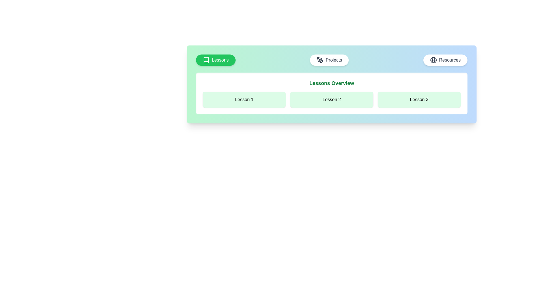 This screenshot has height=305, width=543. Describe the element at coordinates (206, 60) in the screenshot. I see `the green circular button containing the 'Lessons' icon located on the left segment of the top horizontal navigation bar` at that location.